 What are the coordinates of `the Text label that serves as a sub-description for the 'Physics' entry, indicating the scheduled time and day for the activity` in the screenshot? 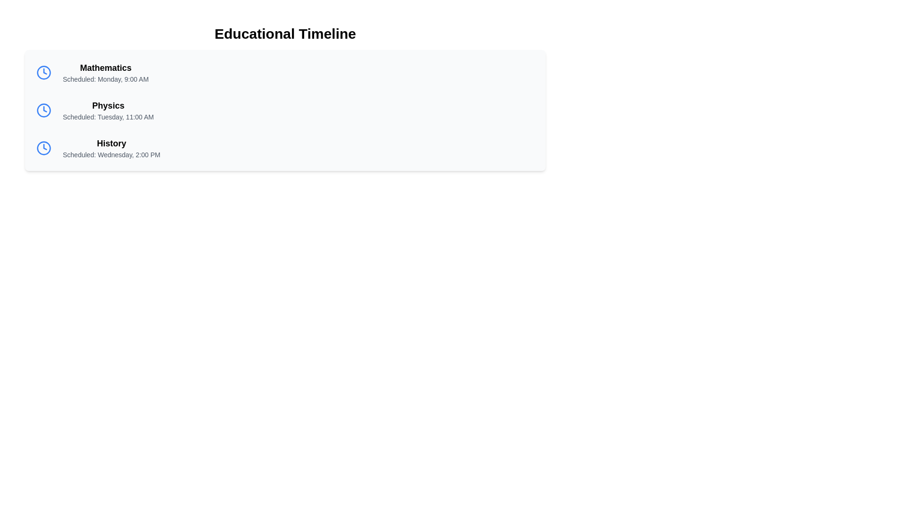 It's located at (108, 116).